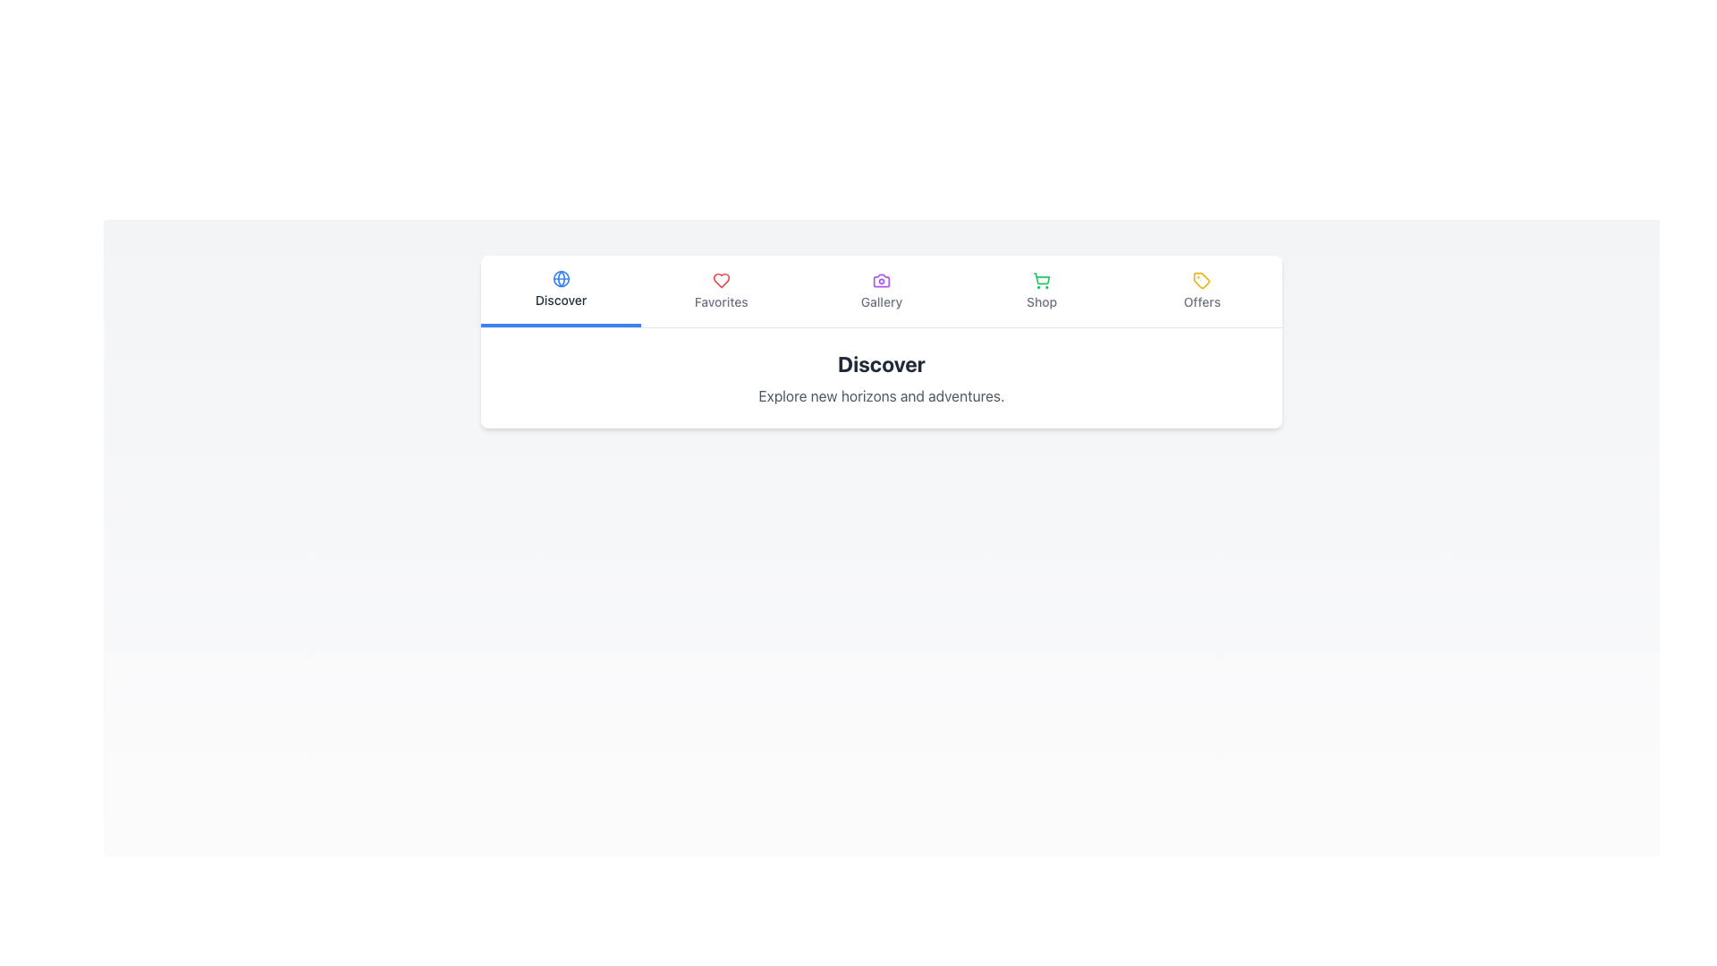 This screenshot has height=966, width=1717. I want to click on the descriptive subtitle text element located beneath the main heading 'Discover', which provides additional context, so click(881, 395).